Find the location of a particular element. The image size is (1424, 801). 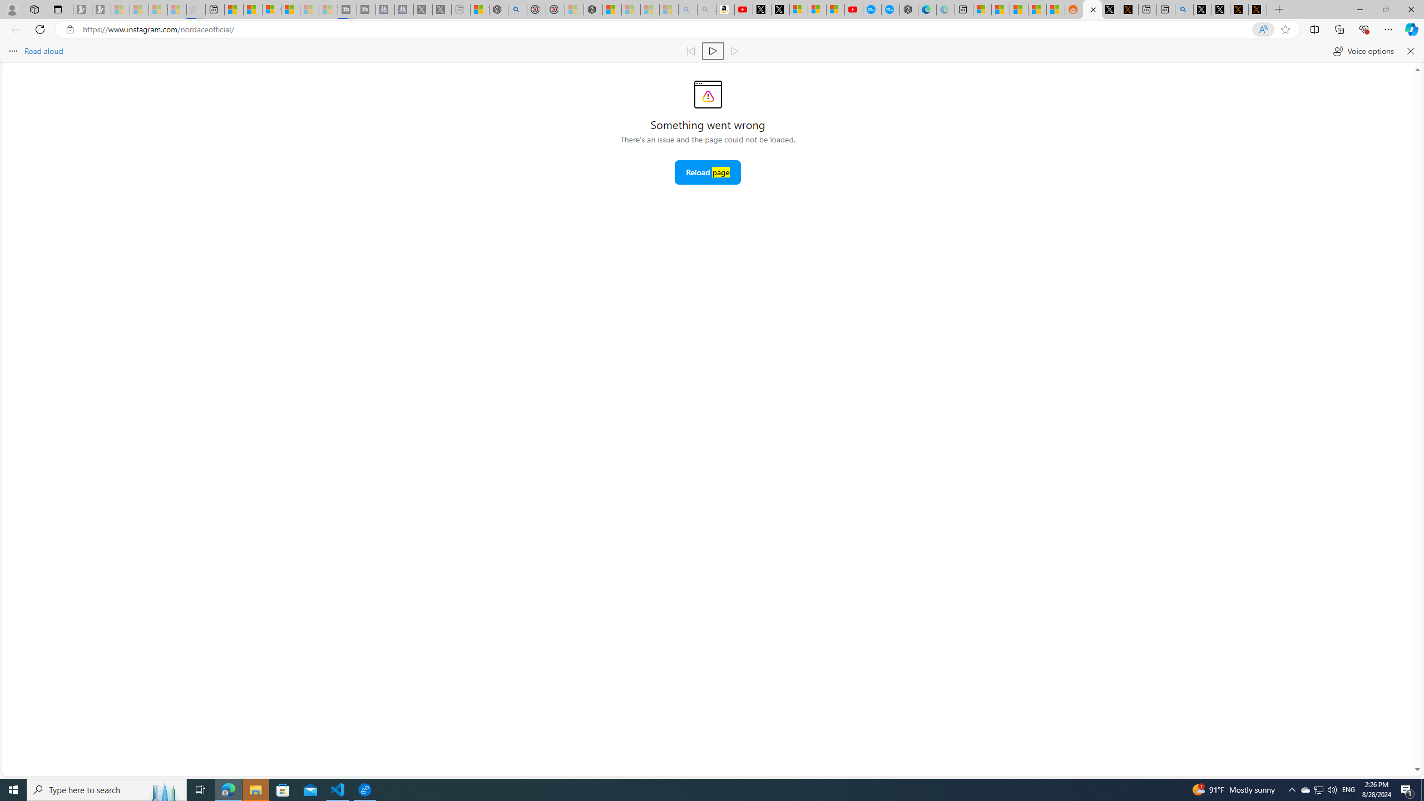

'Read previous paragraph' is located at coordinates (690, 51).